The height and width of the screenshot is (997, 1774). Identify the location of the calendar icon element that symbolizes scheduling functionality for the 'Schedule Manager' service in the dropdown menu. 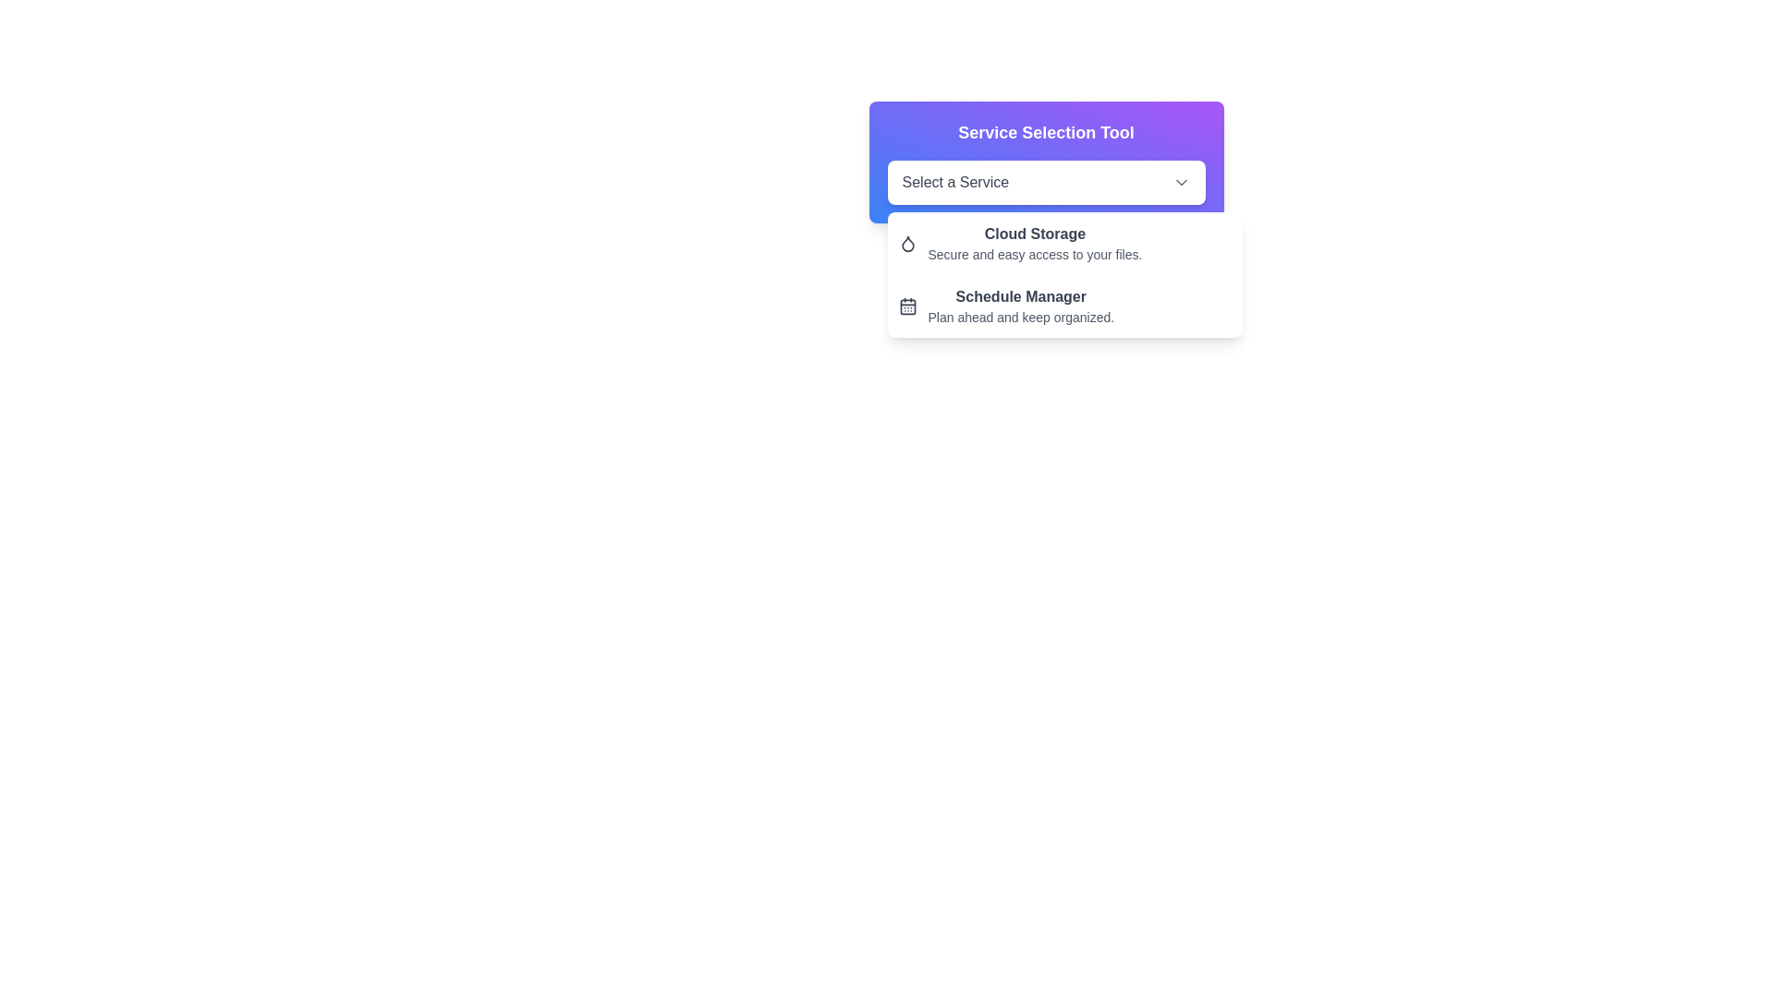
(907, 306).